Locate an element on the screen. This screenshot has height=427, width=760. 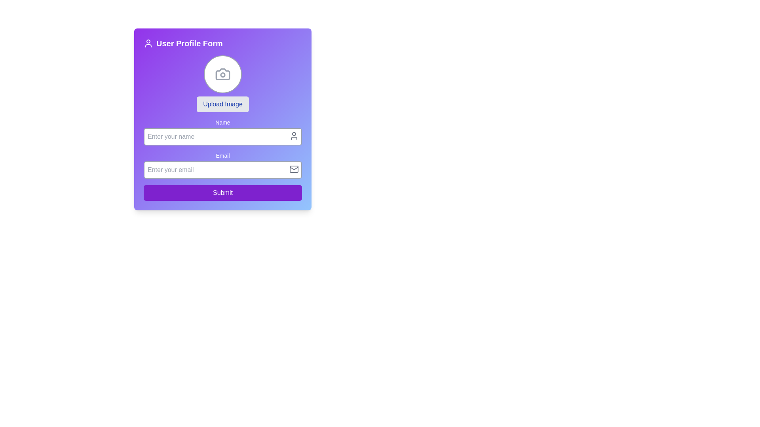
the decorative icon base that is part of the envelope icon indicating the email input field, located on the right side of the email input area is located at coordinates (294, 169).